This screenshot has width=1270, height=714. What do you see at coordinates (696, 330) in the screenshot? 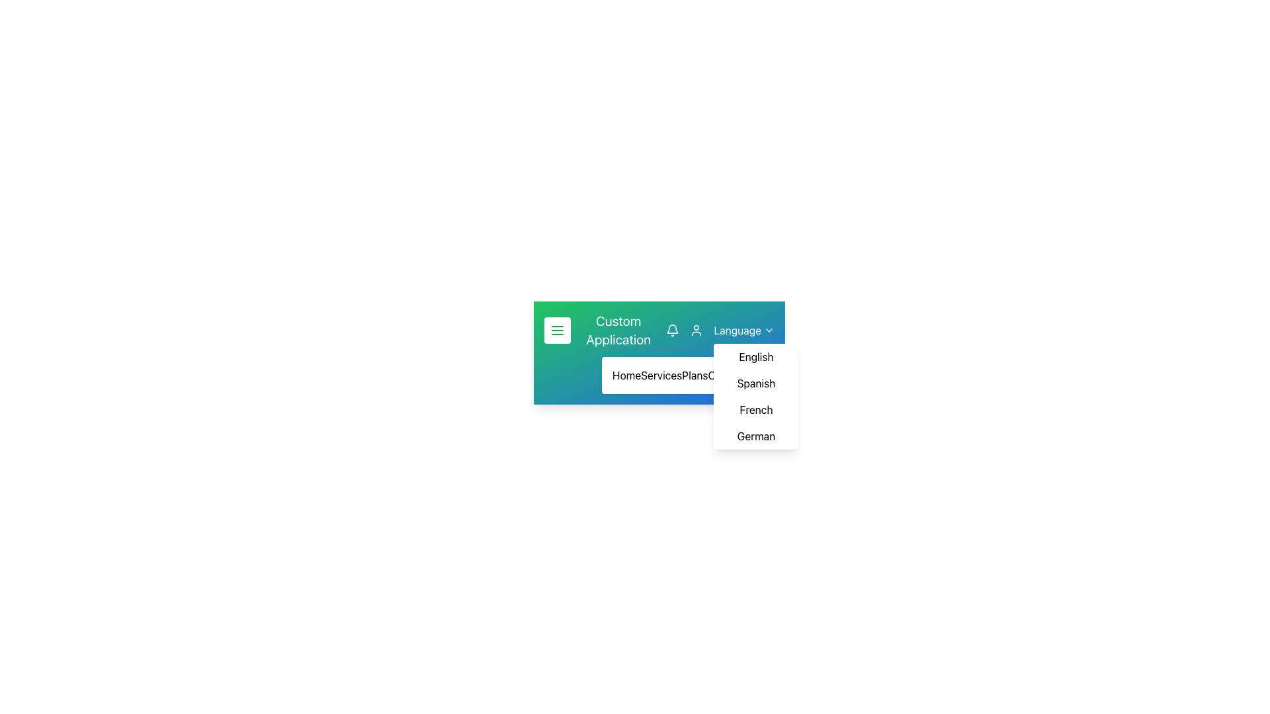
I see `the small user icon in the top navigation bar, which is located next to the notification bell icon` at bounding box center [696, 330].